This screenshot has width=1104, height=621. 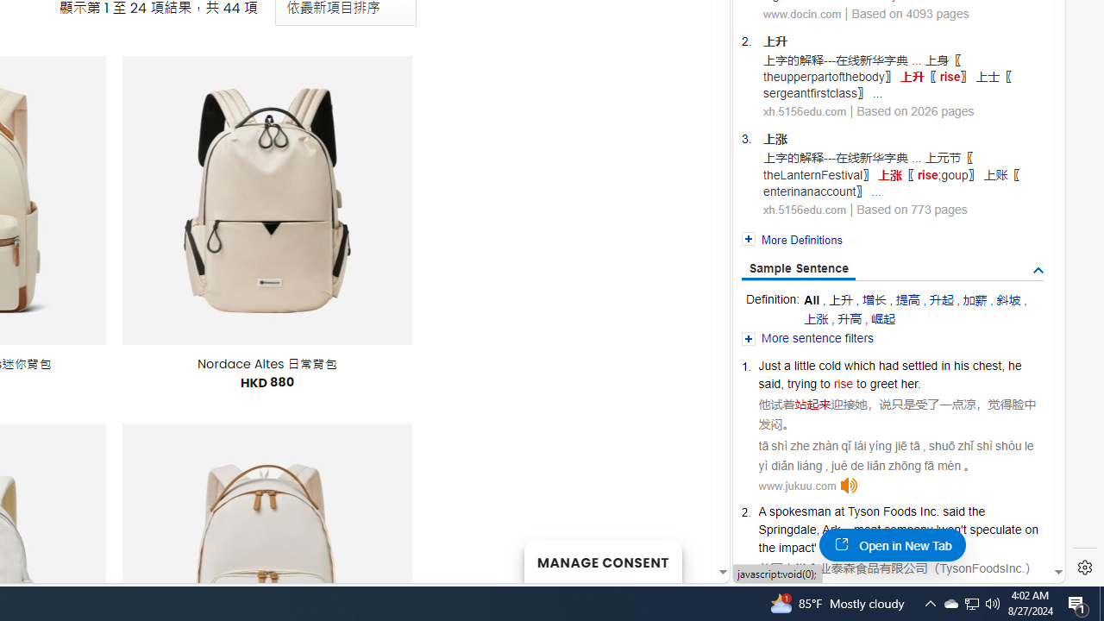 I want to click on 'www.docin.com', so click(x=800, y=13).